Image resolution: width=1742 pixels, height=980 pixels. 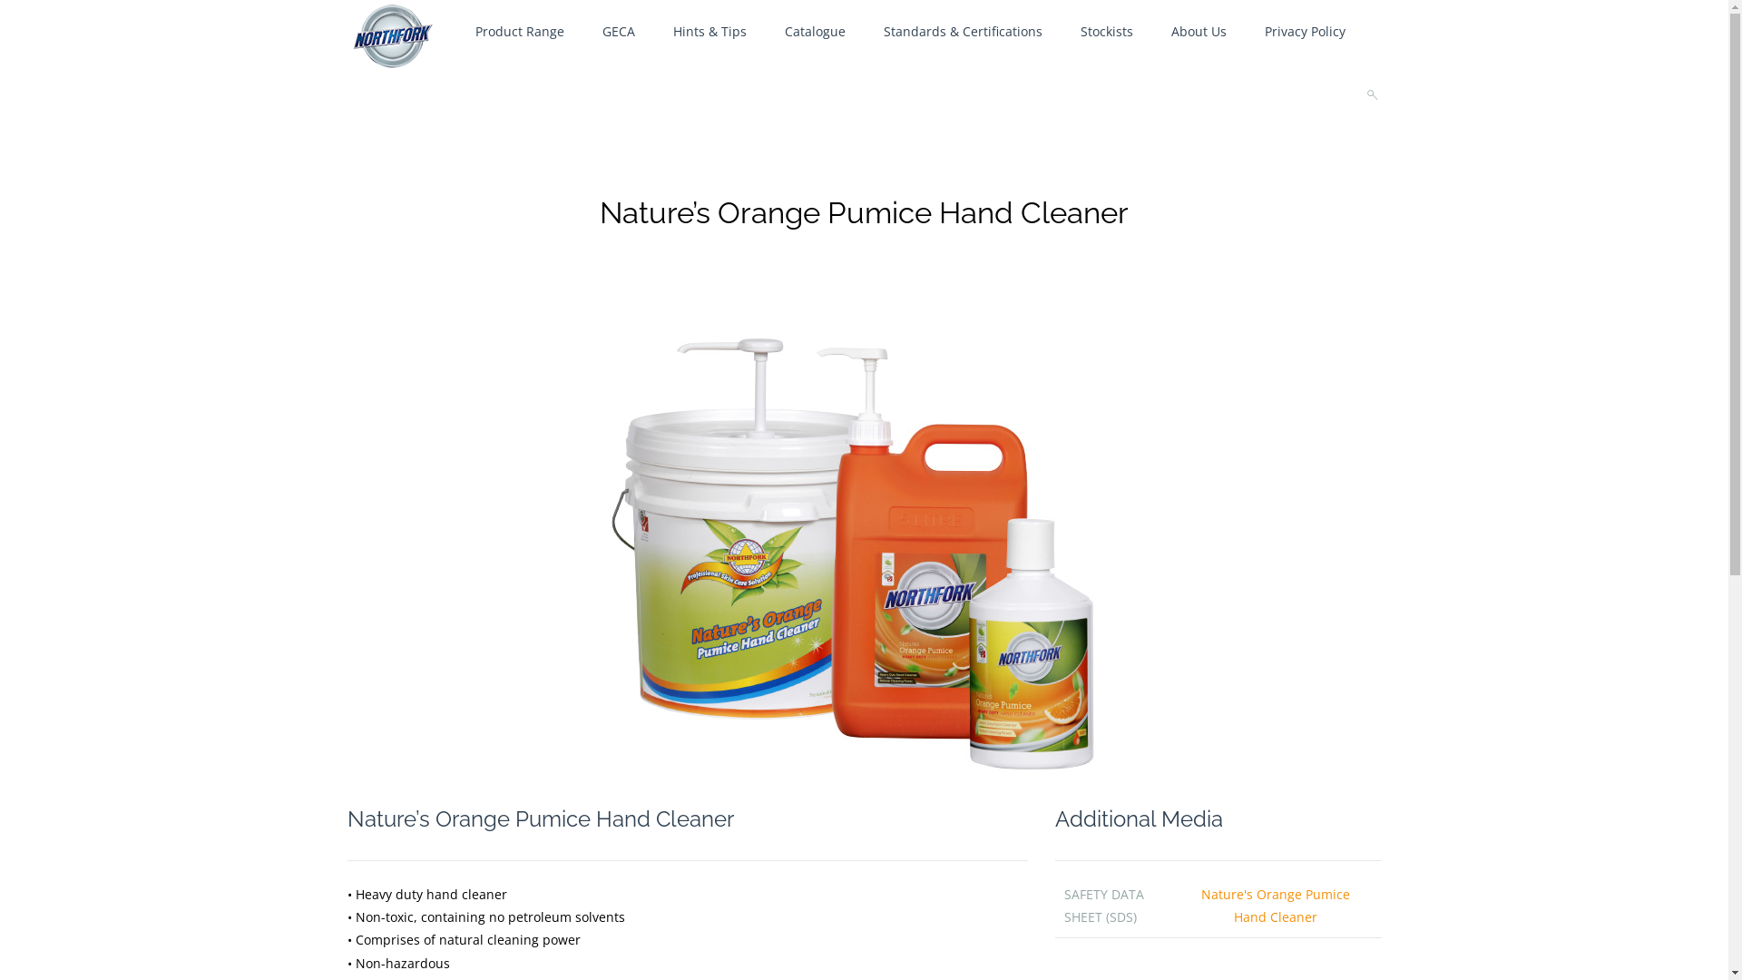 I want to click on 'Hints & Tips', so click(x=708, y=31).